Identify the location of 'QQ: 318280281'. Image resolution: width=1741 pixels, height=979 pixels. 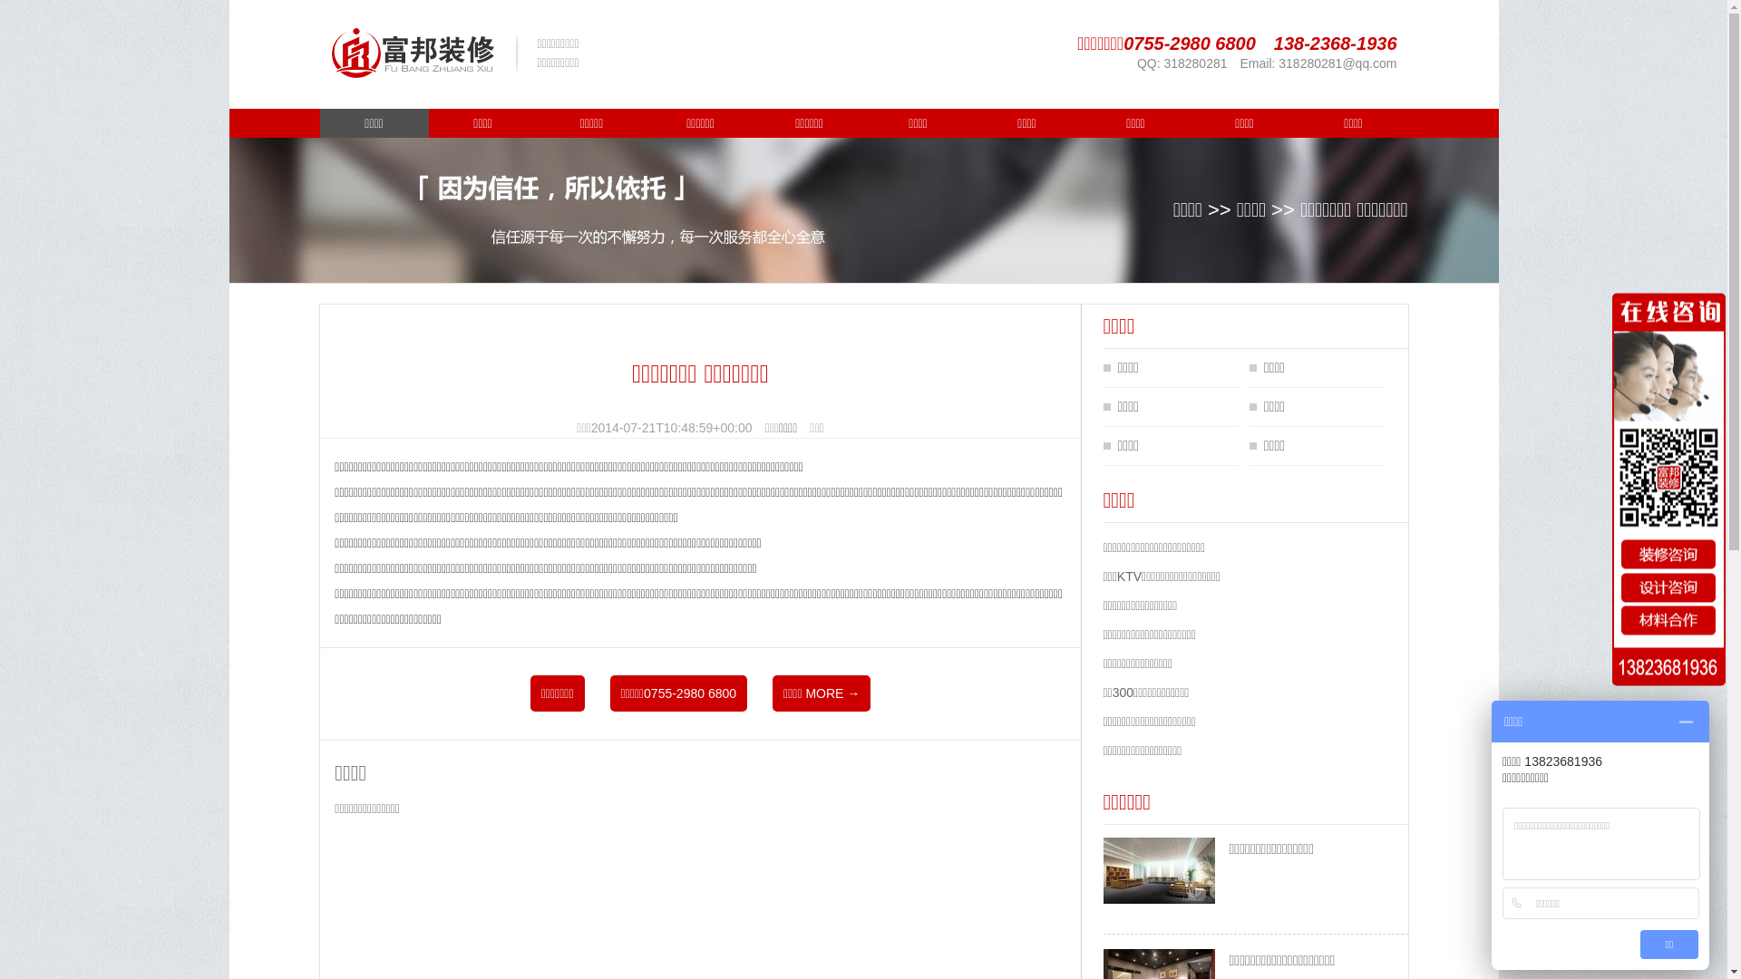
(1135, 62).